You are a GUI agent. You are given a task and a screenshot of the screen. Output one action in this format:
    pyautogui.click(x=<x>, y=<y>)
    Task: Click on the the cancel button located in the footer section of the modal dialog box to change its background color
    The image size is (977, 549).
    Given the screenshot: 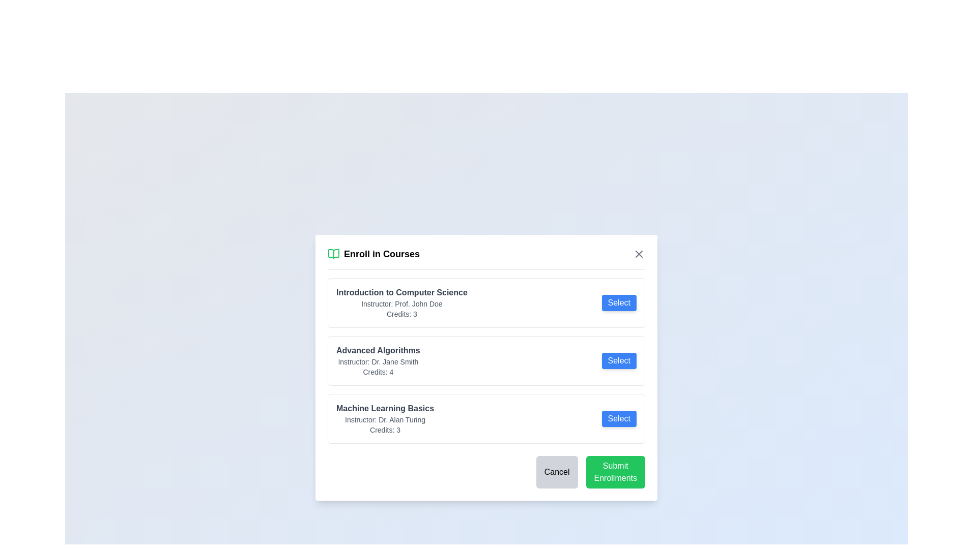 What is the action you would take?
    pyautogui.click(x=556, y=472)
    